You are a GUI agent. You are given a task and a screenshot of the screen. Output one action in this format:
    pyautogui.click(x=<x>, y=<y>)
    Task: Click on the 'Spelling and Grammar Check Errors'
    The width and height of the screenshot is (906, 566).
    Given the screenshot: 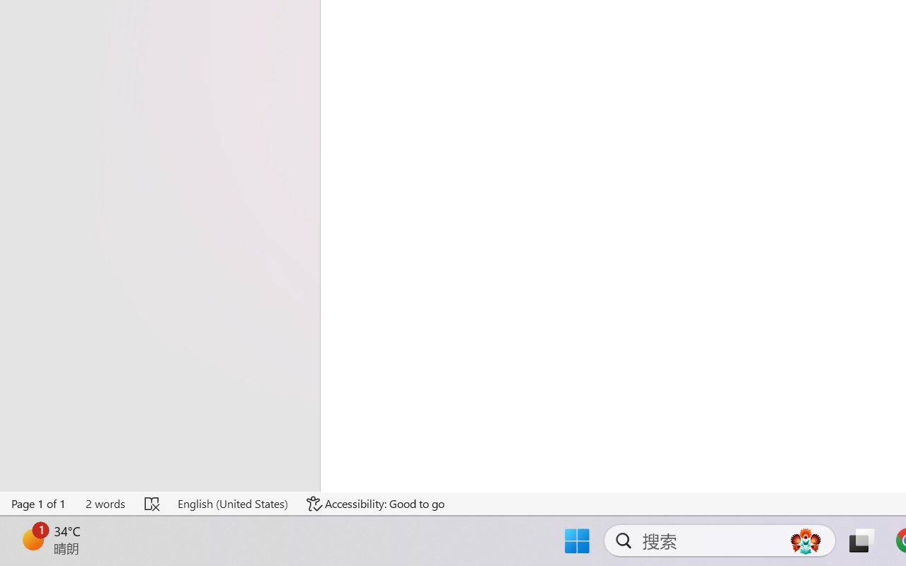 What is the action you would take?
    pyautogui.click(x=153, y=503)
    